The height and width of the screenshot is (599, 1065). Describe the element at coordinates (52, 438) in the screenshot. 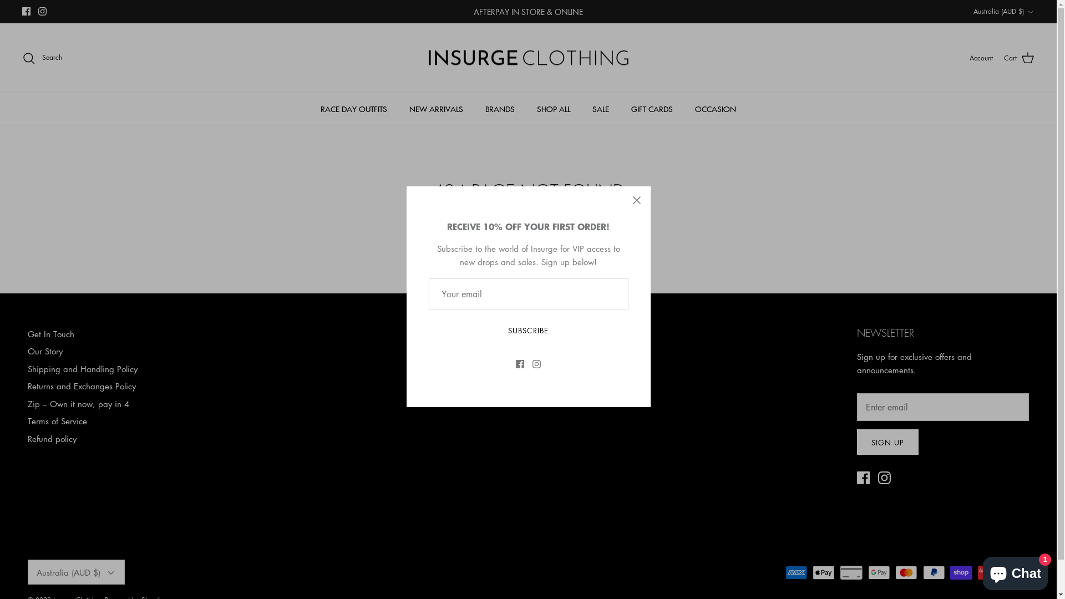

I see `'Refund policy'` at that location.